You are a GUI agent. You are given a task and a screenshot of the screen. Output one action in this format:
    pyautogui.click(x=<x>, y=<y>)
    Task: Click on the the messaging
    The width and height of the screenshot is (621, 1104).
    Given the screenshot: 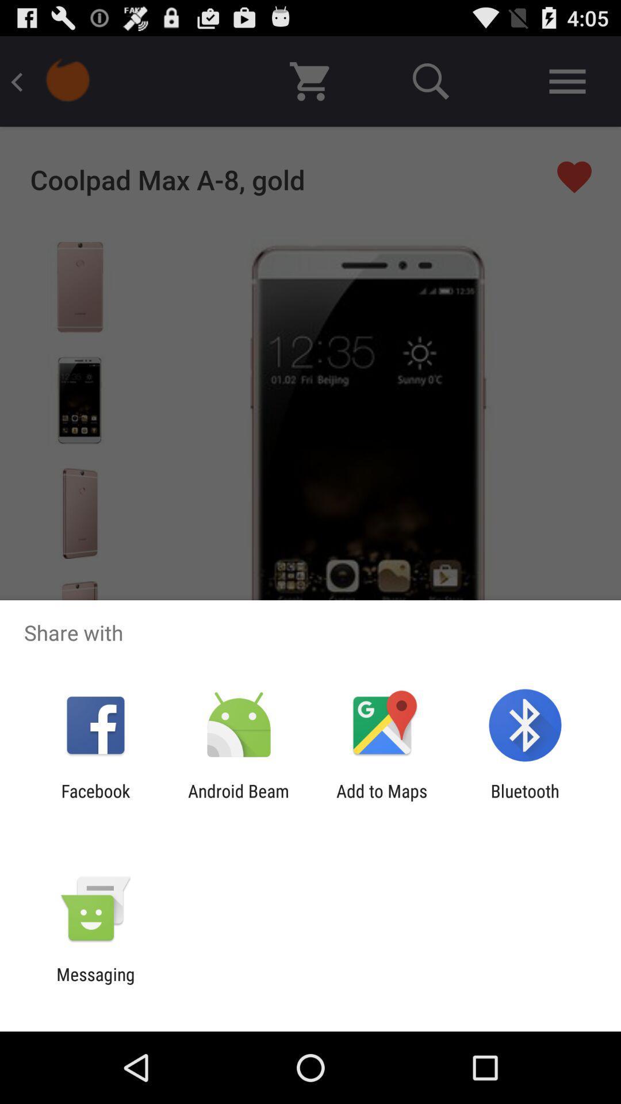 What is the action you would take?
    pyautogui.click(x=95, y=984)
    